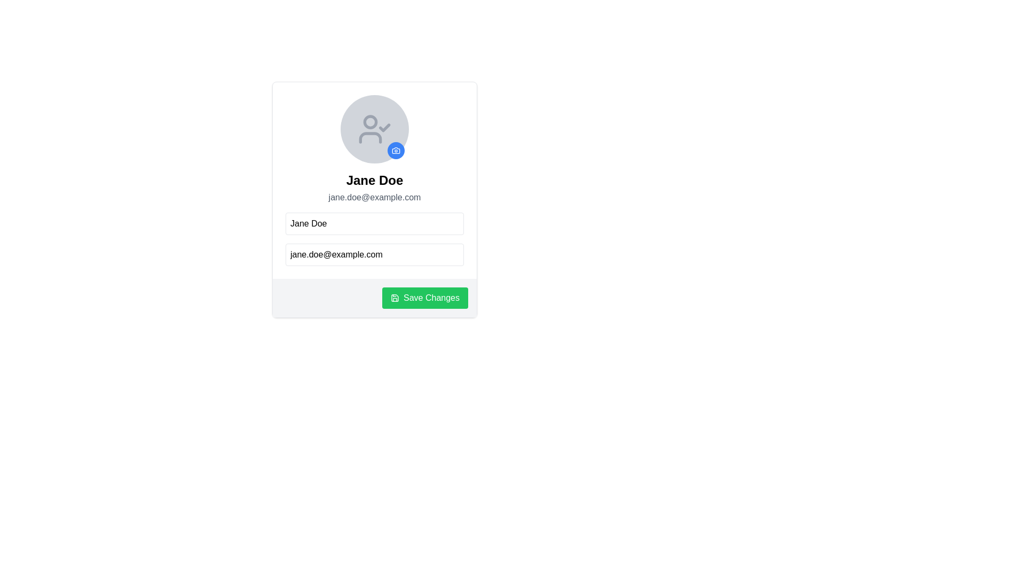  I want to click on the camera icon within the small blue circular button located at the bottom right of the user's profile image, so click(396, 150).